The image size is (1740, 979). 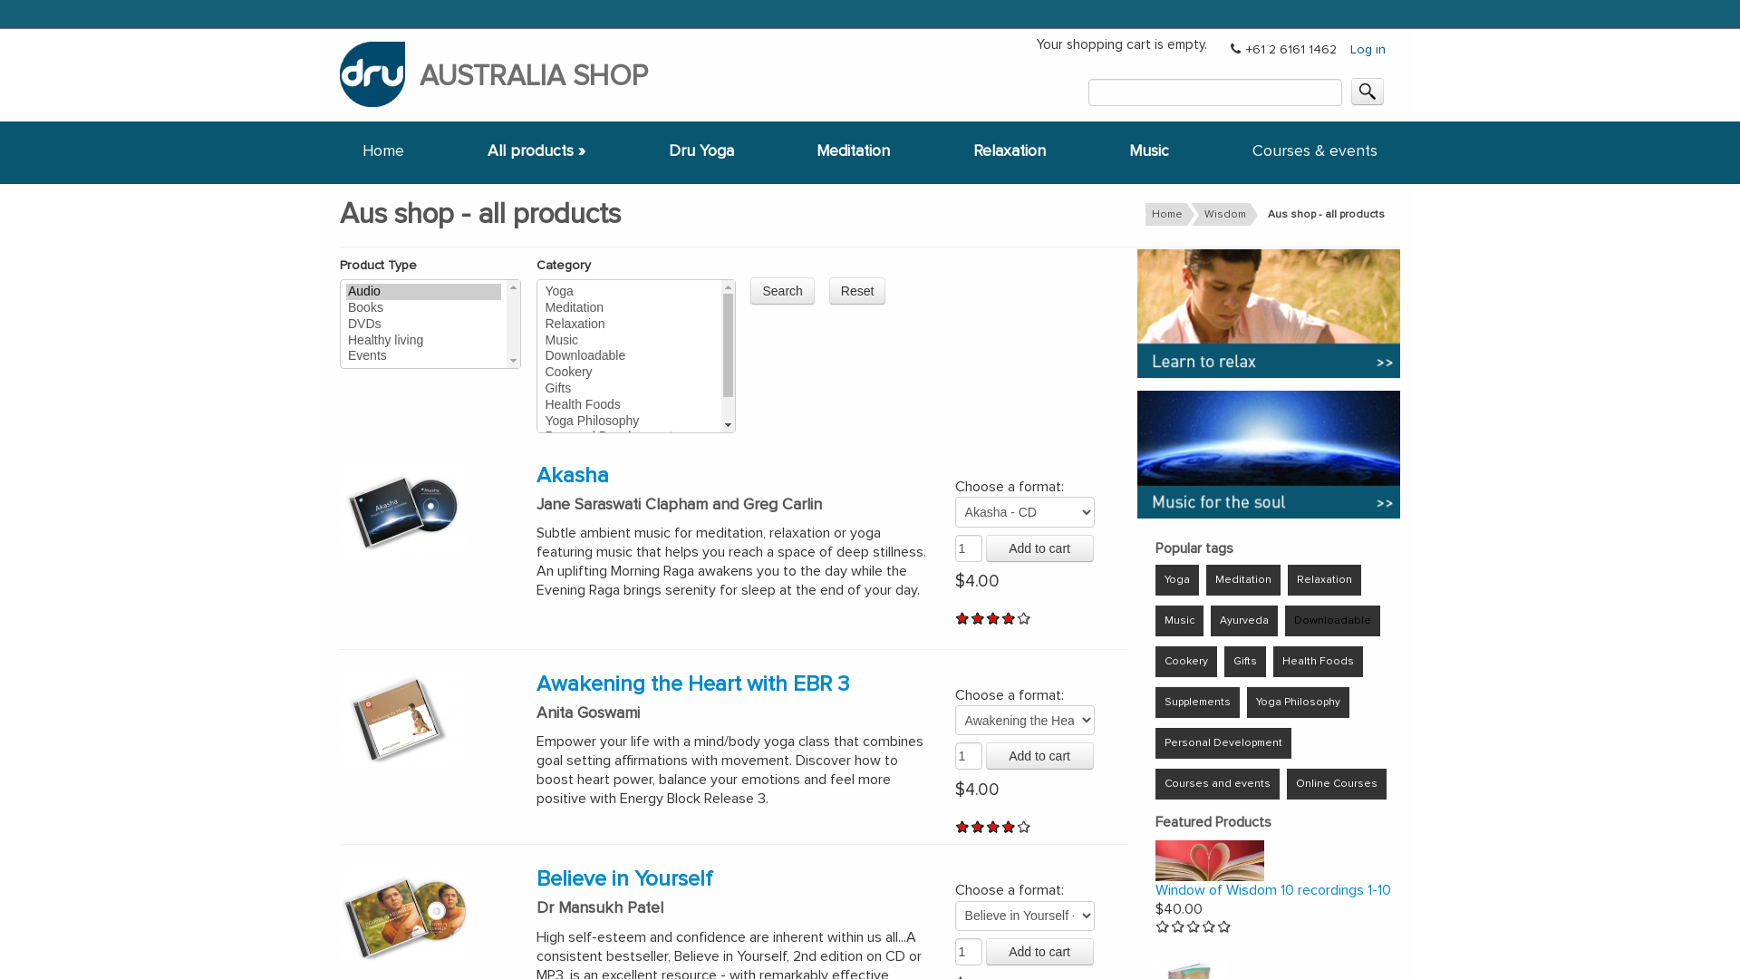 What do you see at coordinates (985, 548) in the screenshot?
I see `'Add to cart'` at bounding box center [985, 548].